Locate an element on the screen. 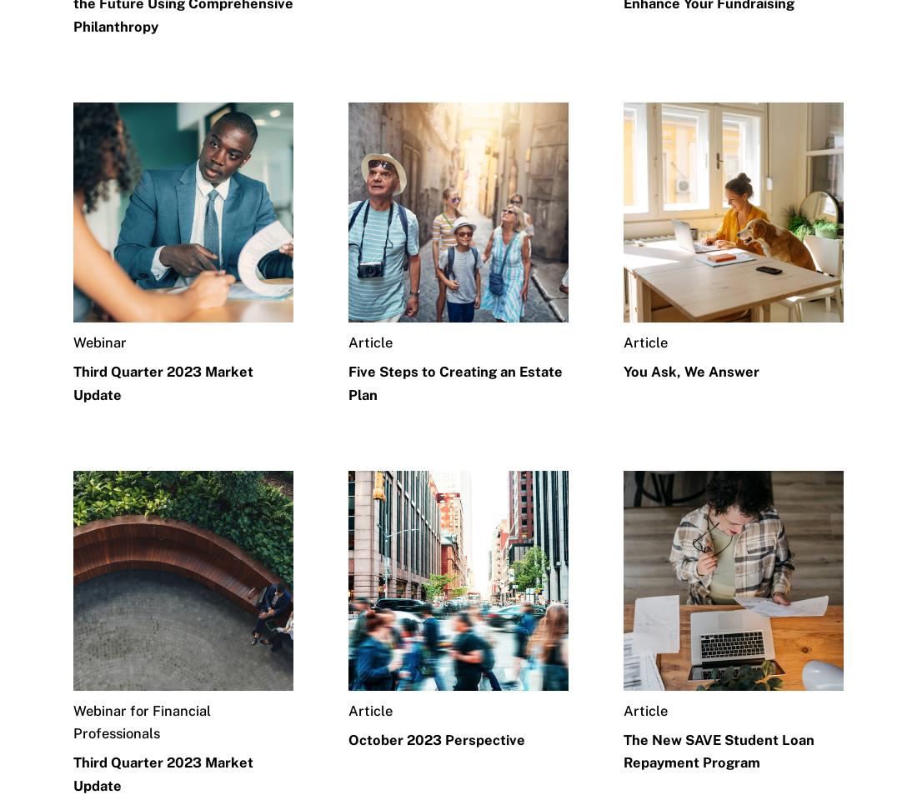  'Whistleblower Policy' is located at coordinates (137, 786).